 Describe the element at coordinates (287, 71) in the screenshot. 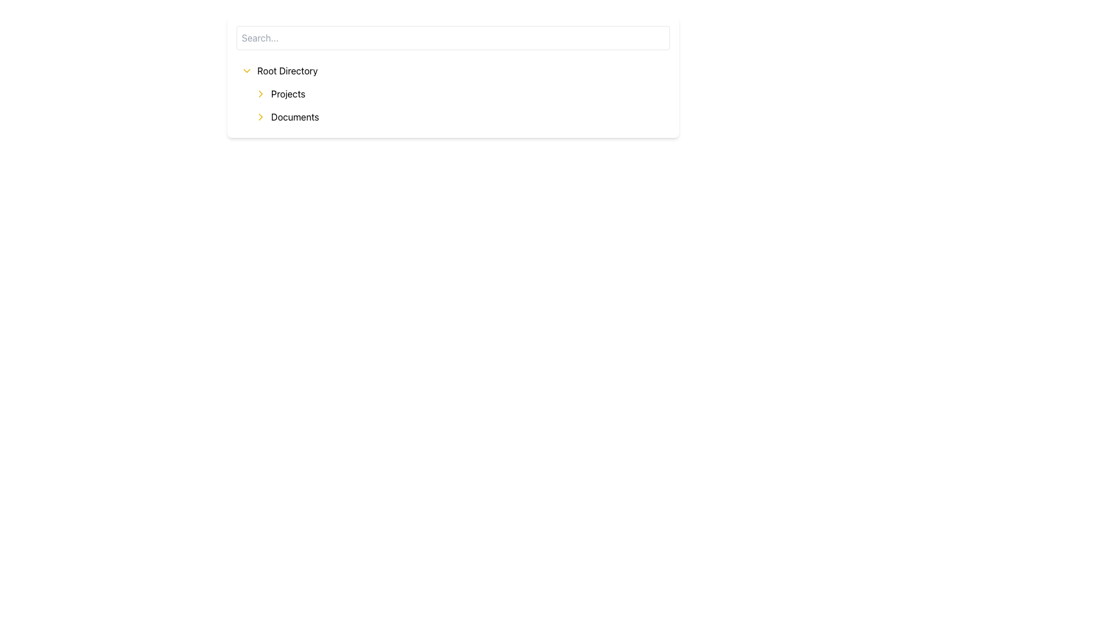

I see `the 'Root Directory' text label` at that location.